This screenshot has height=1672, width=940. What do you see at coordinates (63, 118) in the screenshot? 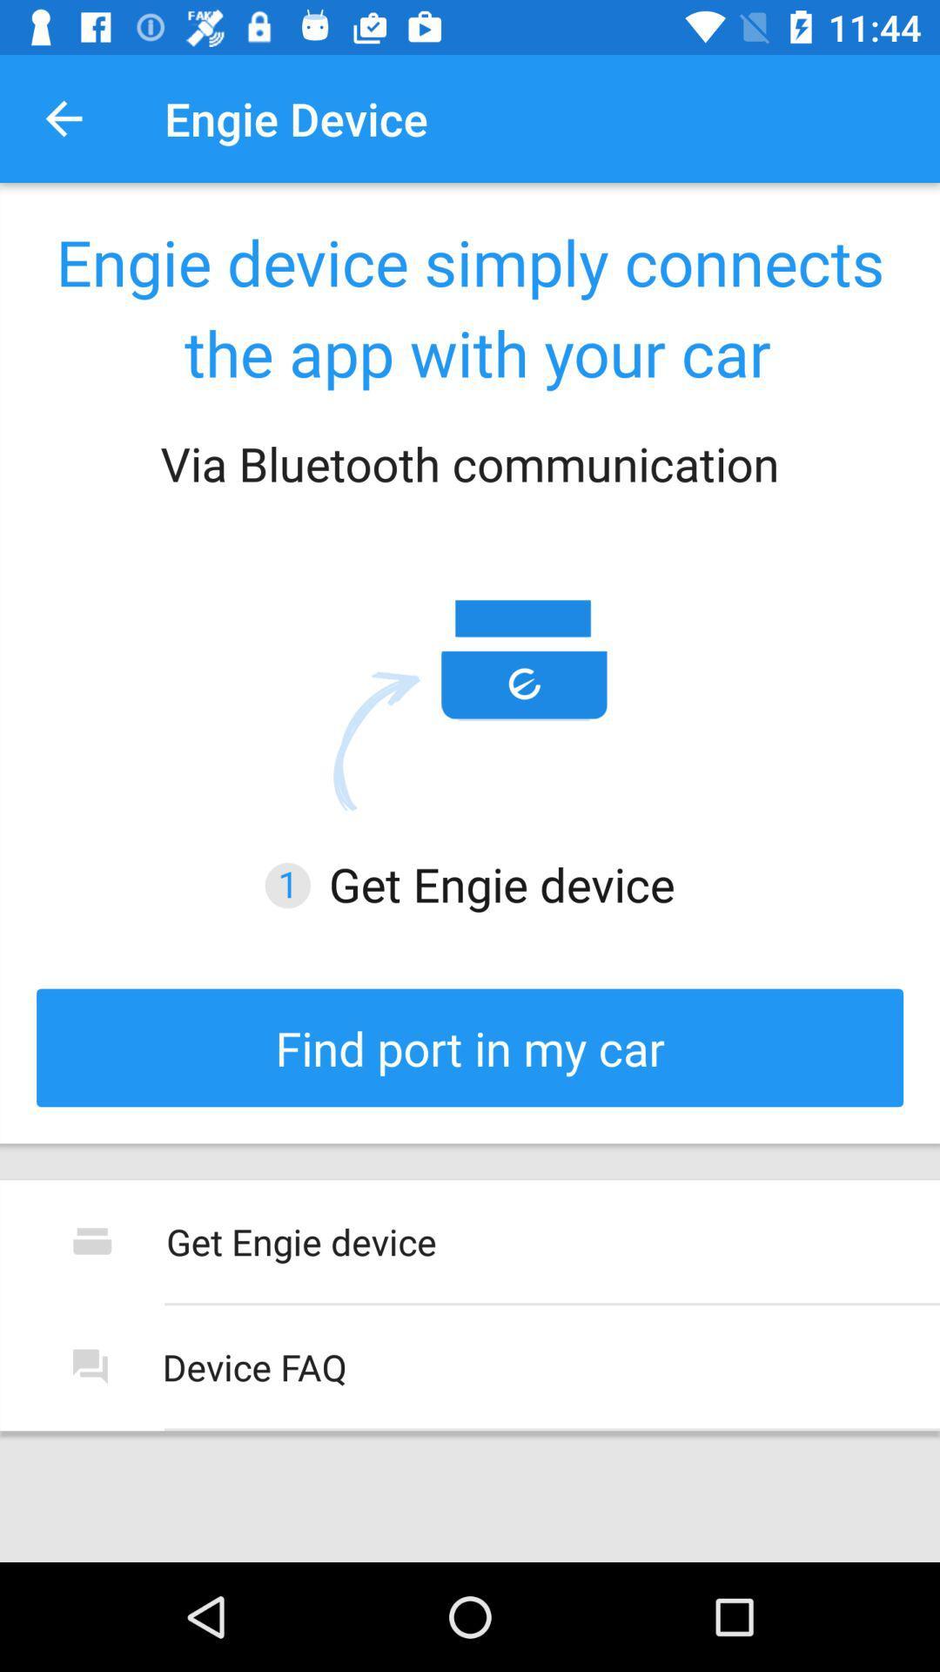
I see `the icon above engie device simply icon` at bounding box center [63, 118].